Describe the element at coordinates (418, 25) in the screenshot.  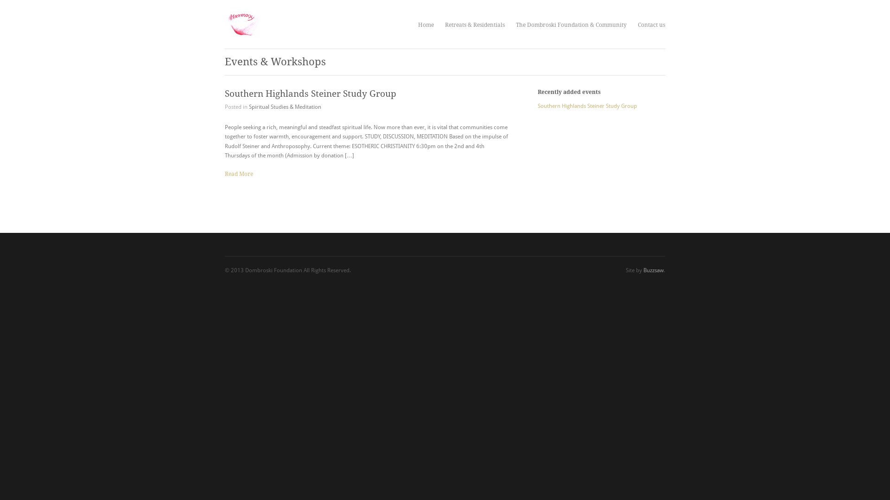
I see `'Home'` at that location.